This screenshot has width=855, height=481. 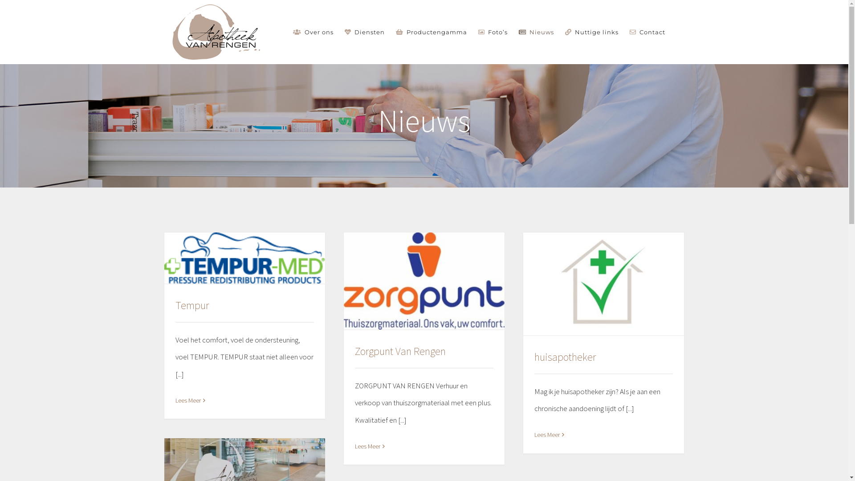 What do you see at coordinates (187, 400) in the screenshot?
I see `'Lees Meer'` at bounding box center [187, 400].